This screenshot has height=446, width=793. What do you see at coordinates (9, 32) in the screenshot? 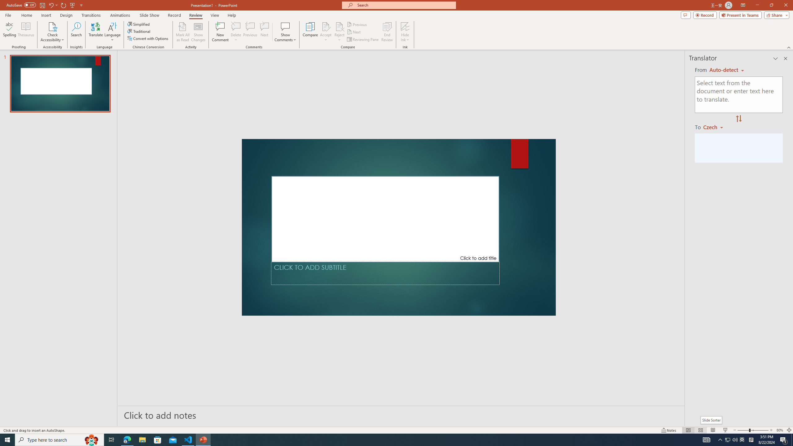
I see `'Spelling...'` at bounding box center [9, 32].